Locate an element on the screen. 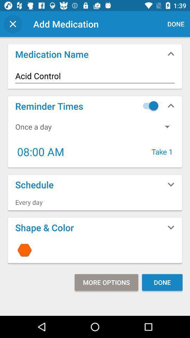  every day item is located at coordinates (95, 202).